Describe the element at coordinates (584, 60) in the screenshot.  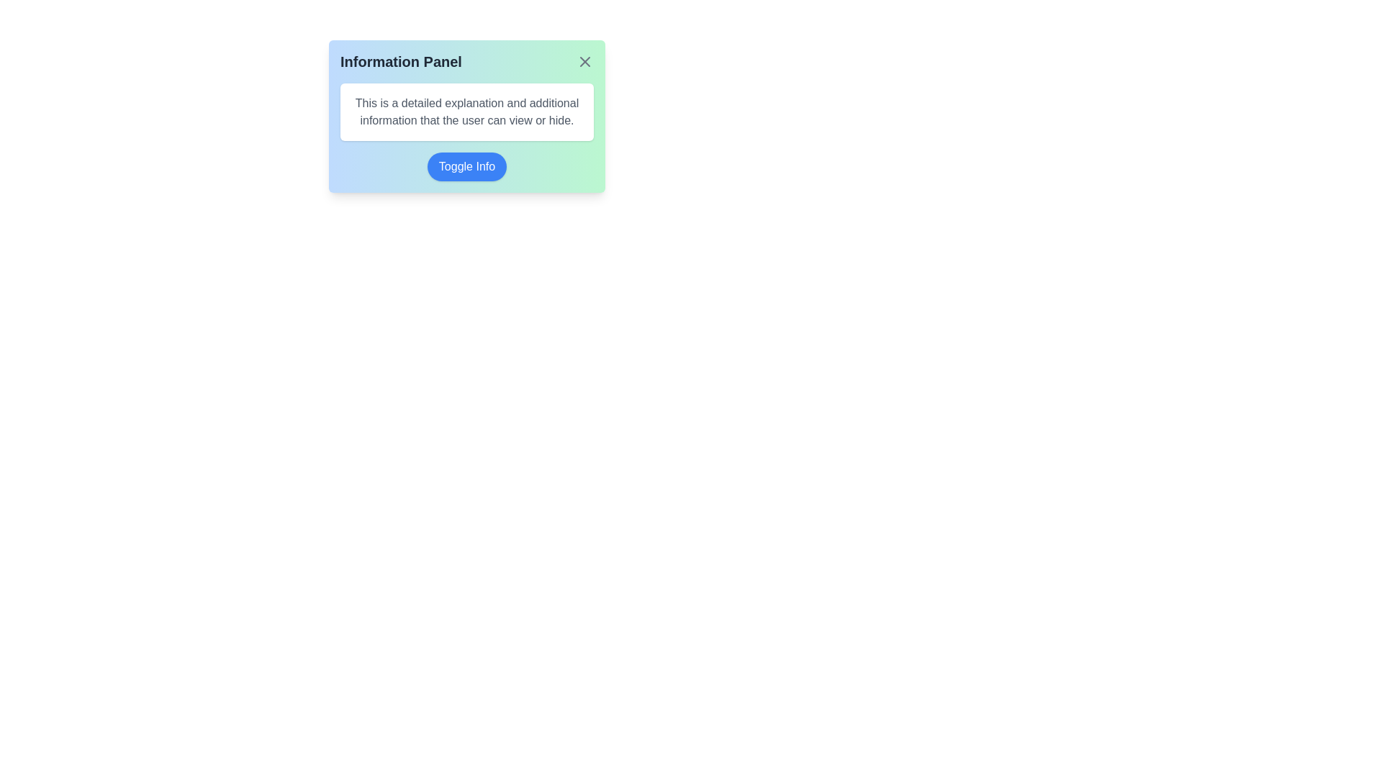
I see `the Close button icon located in the top-right corner of the 'Information Panel', which is represented by a small cross icon` at that location.